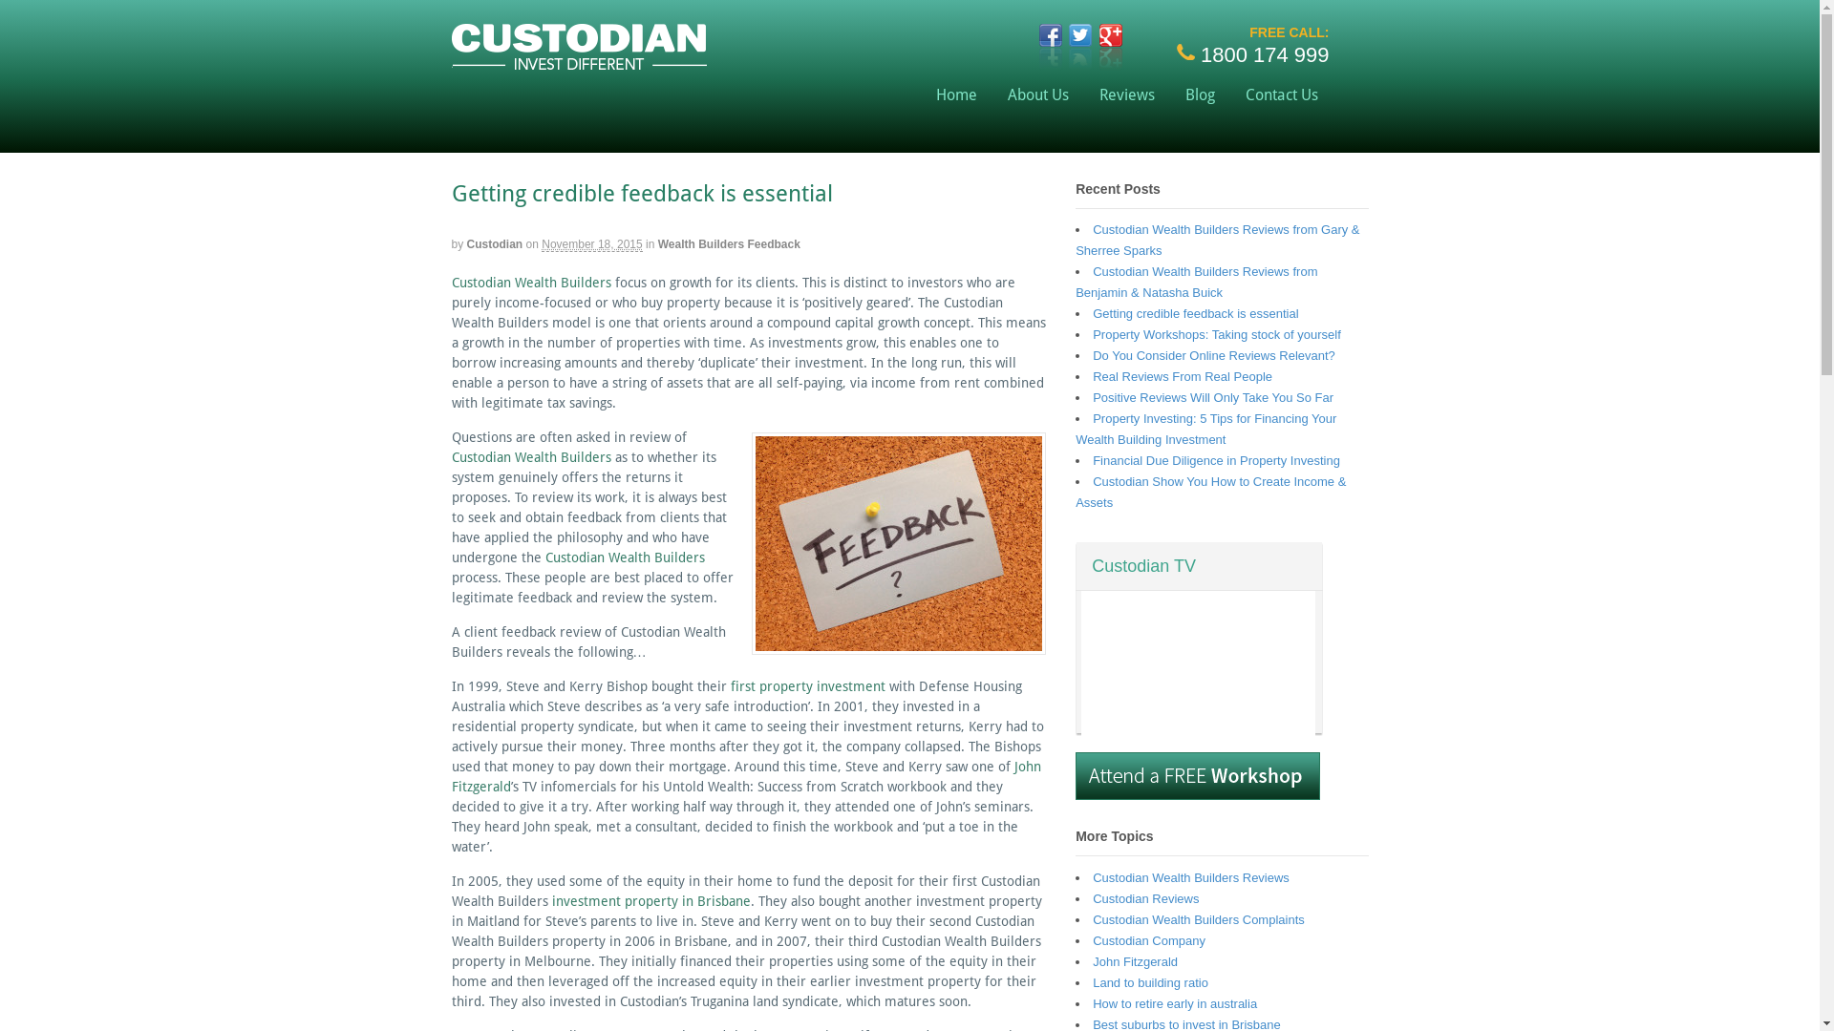 This screenshot has width=1834, height=1031. I want to click on 'Property Workshops: Taking stock of yourself', so click(1092, 333).